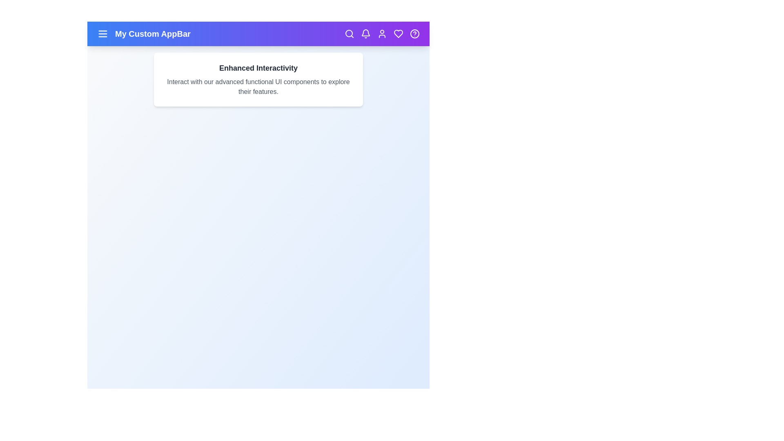  I want to click on the menu icon to toggle the menu visibility, so click(102, 33).